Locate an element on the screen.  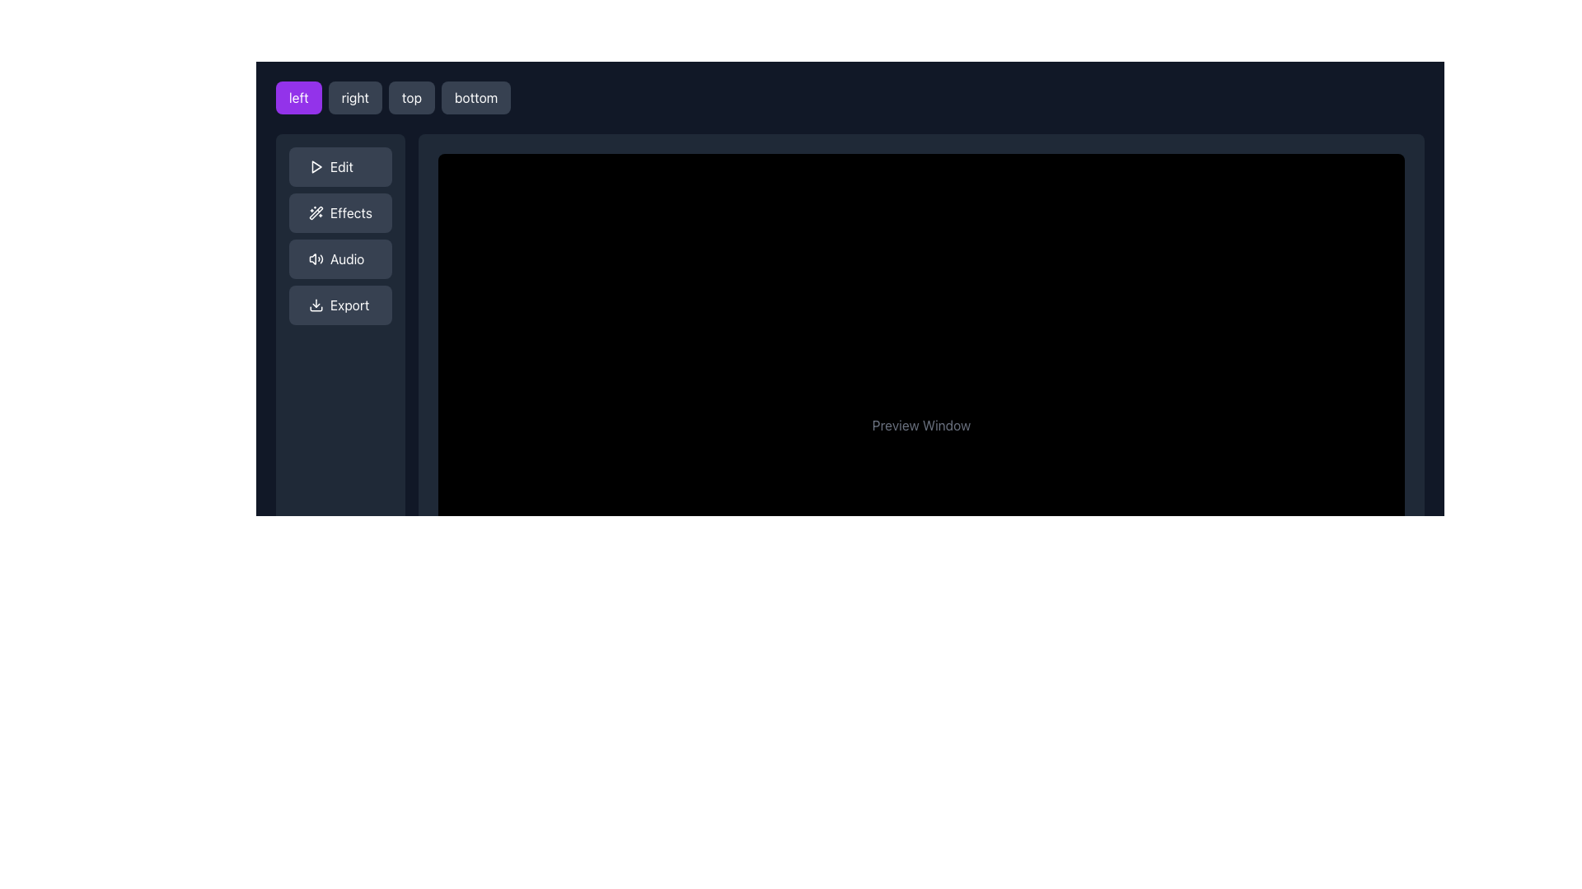
the button labeled 'right' which is the second button in a row of four, situated between the 'left' button and the 'top' button is located at coordinates (354, 98).